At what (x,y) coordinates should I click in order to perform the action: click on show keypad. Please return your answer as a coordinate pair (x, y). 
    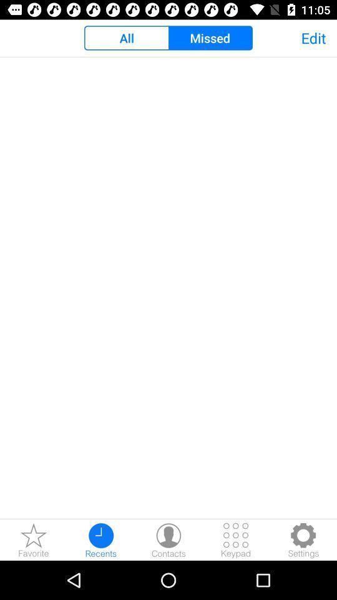
    Looking at the image, I should click on (236, 539).